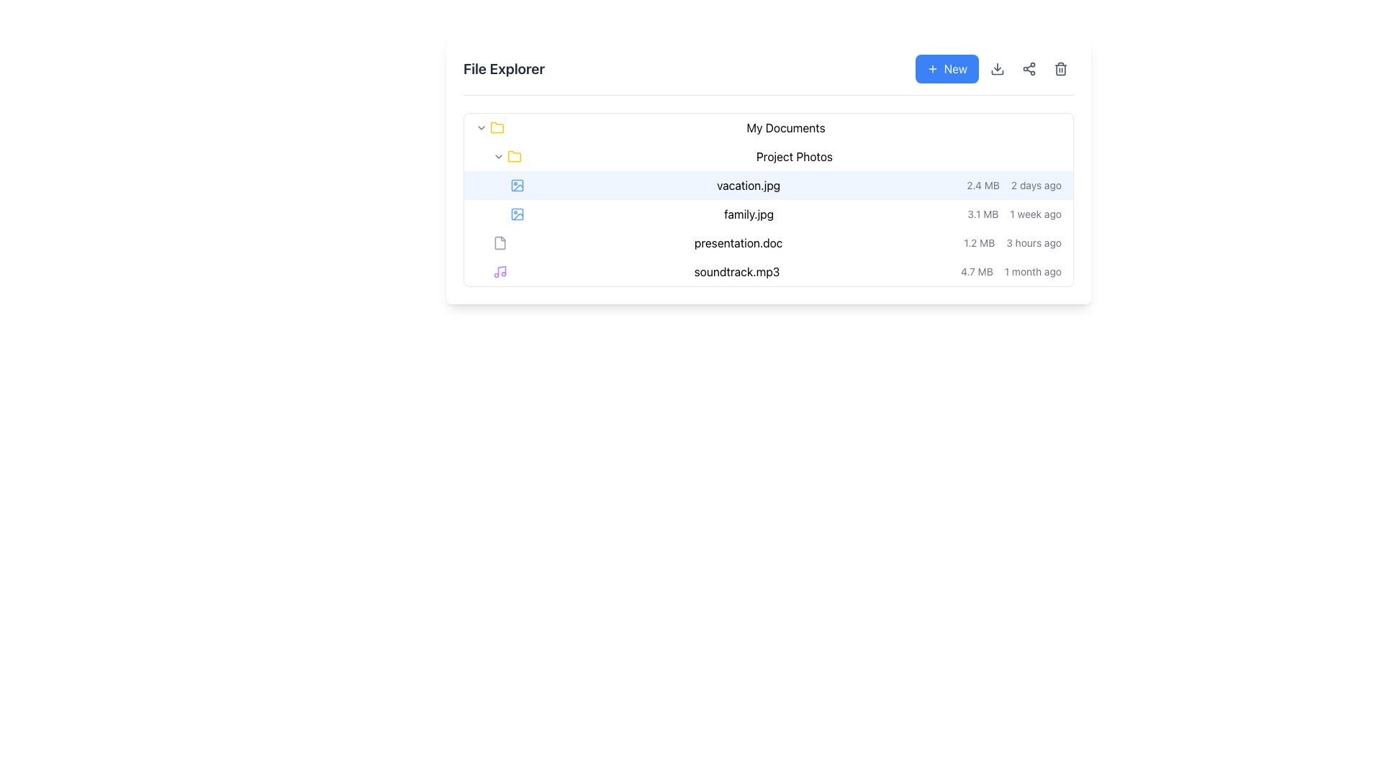 Image resolution: width=1382 pixels, height=777 pixels. Describe the element at coordinates (481, 127) in the screenshot. I see `the downward-pointing chevron icon next to the 'My Documents' label` at that location.